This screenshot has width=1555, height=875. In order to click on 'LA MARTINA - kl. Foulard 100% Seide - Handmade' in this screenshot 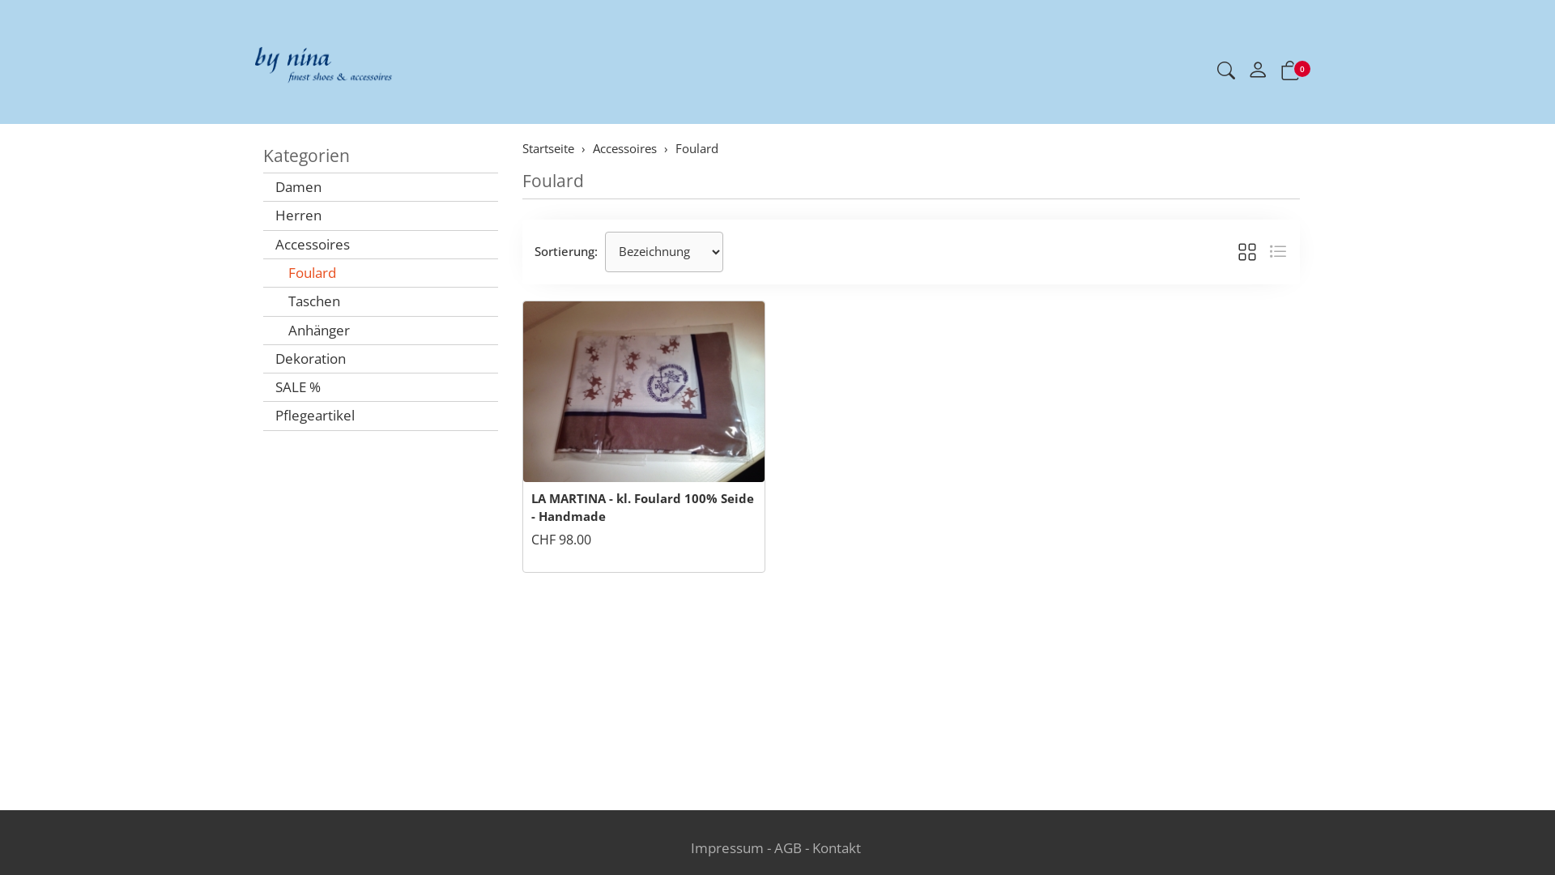, I will do `click(641, 506)`.